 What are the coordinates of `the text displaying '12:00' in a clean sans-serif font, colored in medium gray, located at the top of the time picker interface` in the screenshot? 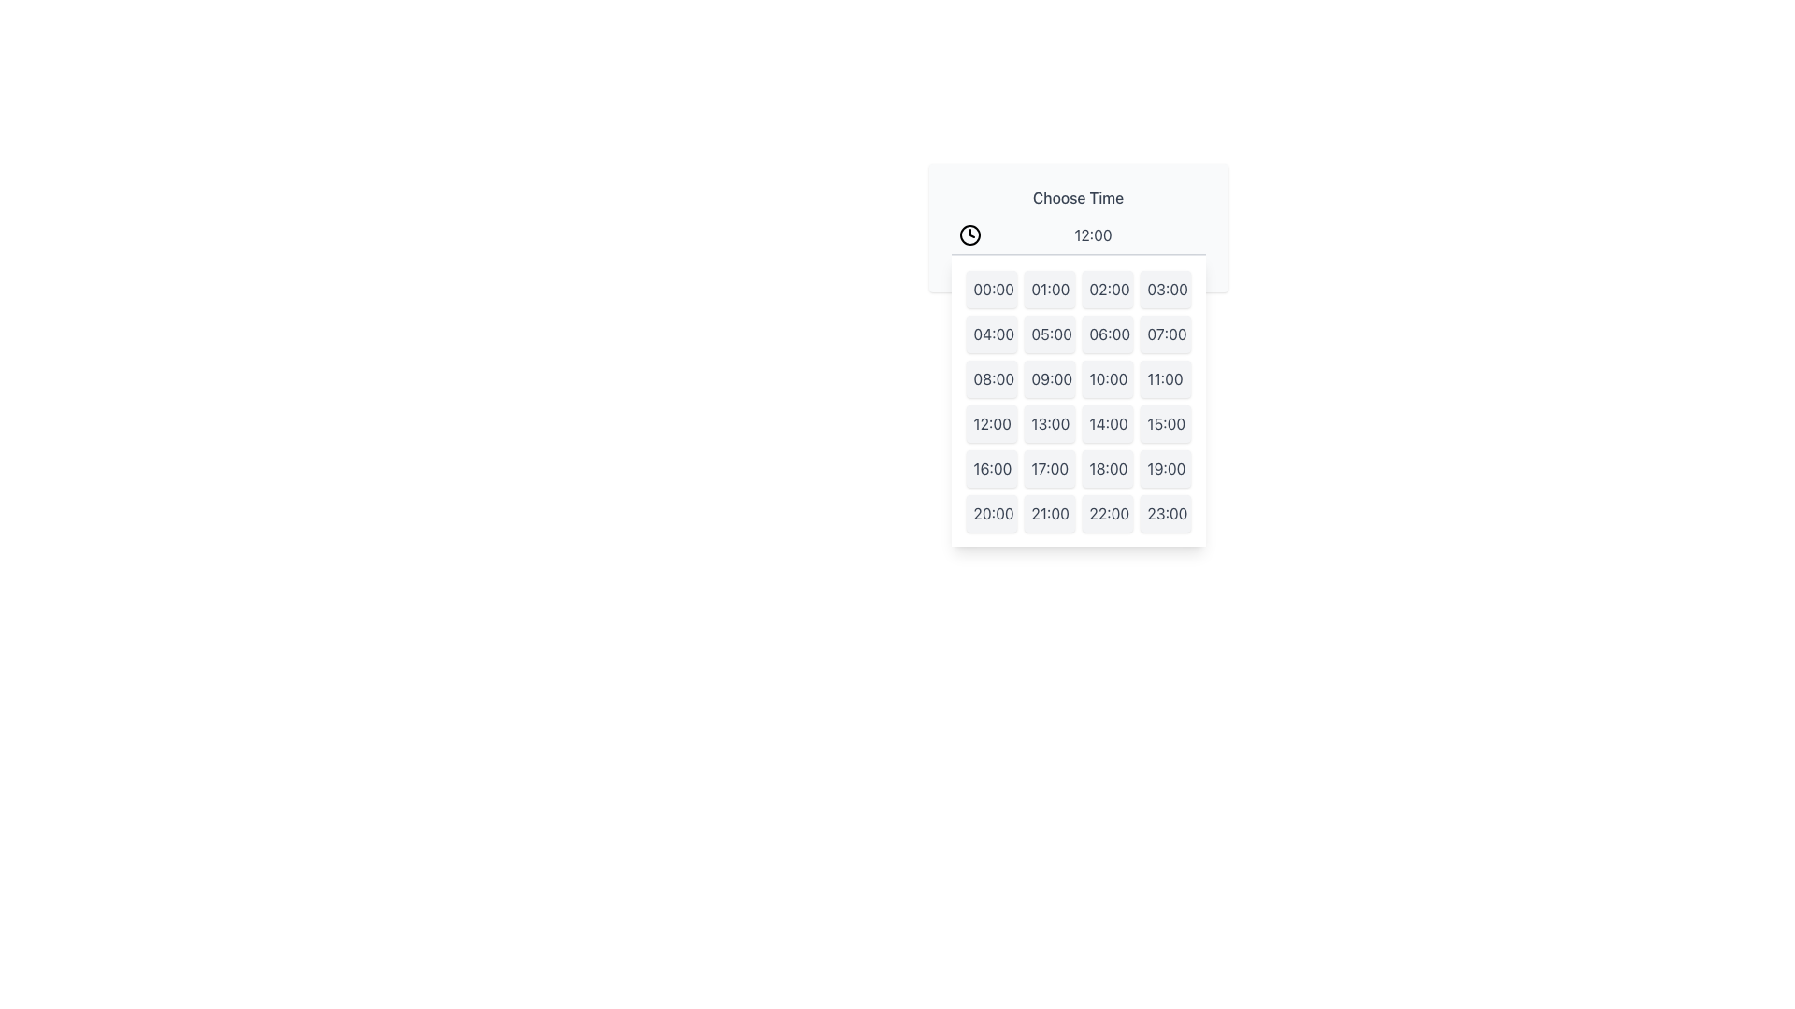 It's located at (1093, 234).